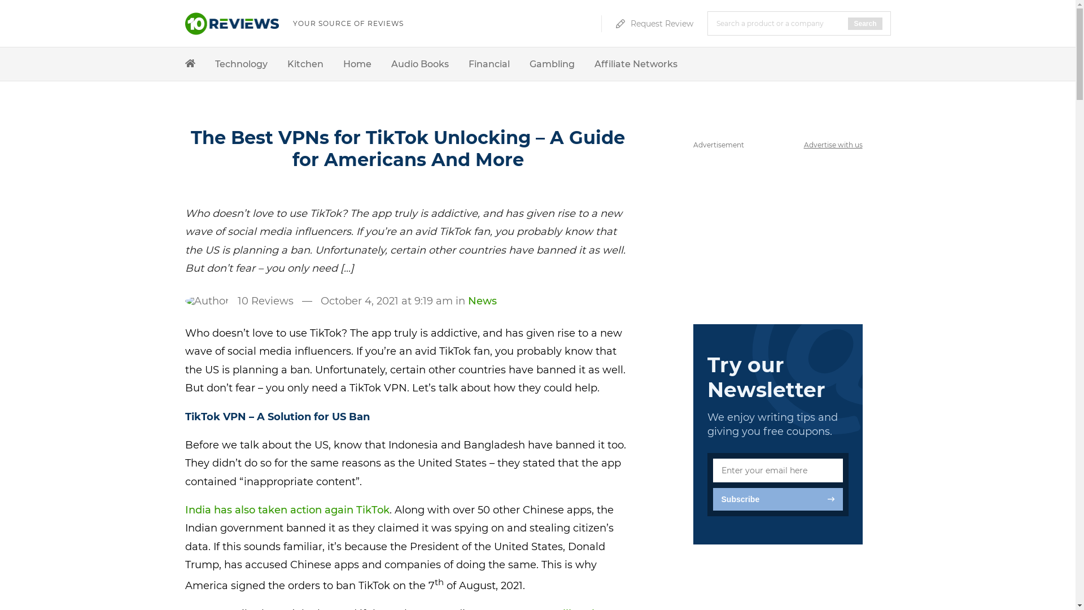  I want to click on 'Financial', so click(469, 64).